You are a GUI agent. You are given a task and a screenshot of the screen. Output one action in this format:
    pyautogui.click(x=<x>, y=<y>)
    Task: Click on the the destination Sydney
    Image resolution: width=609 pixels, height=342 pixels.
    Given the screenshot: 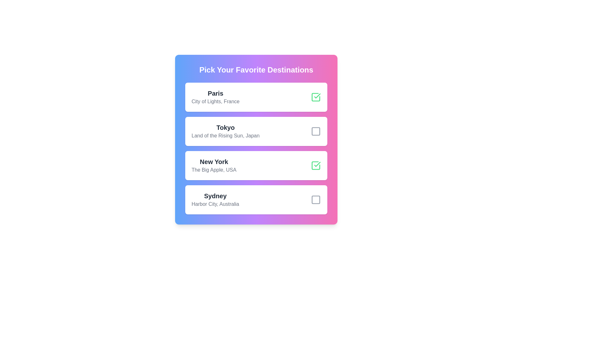 What is the action you would take?
    pyautogui.click(x=316, y=200)
    